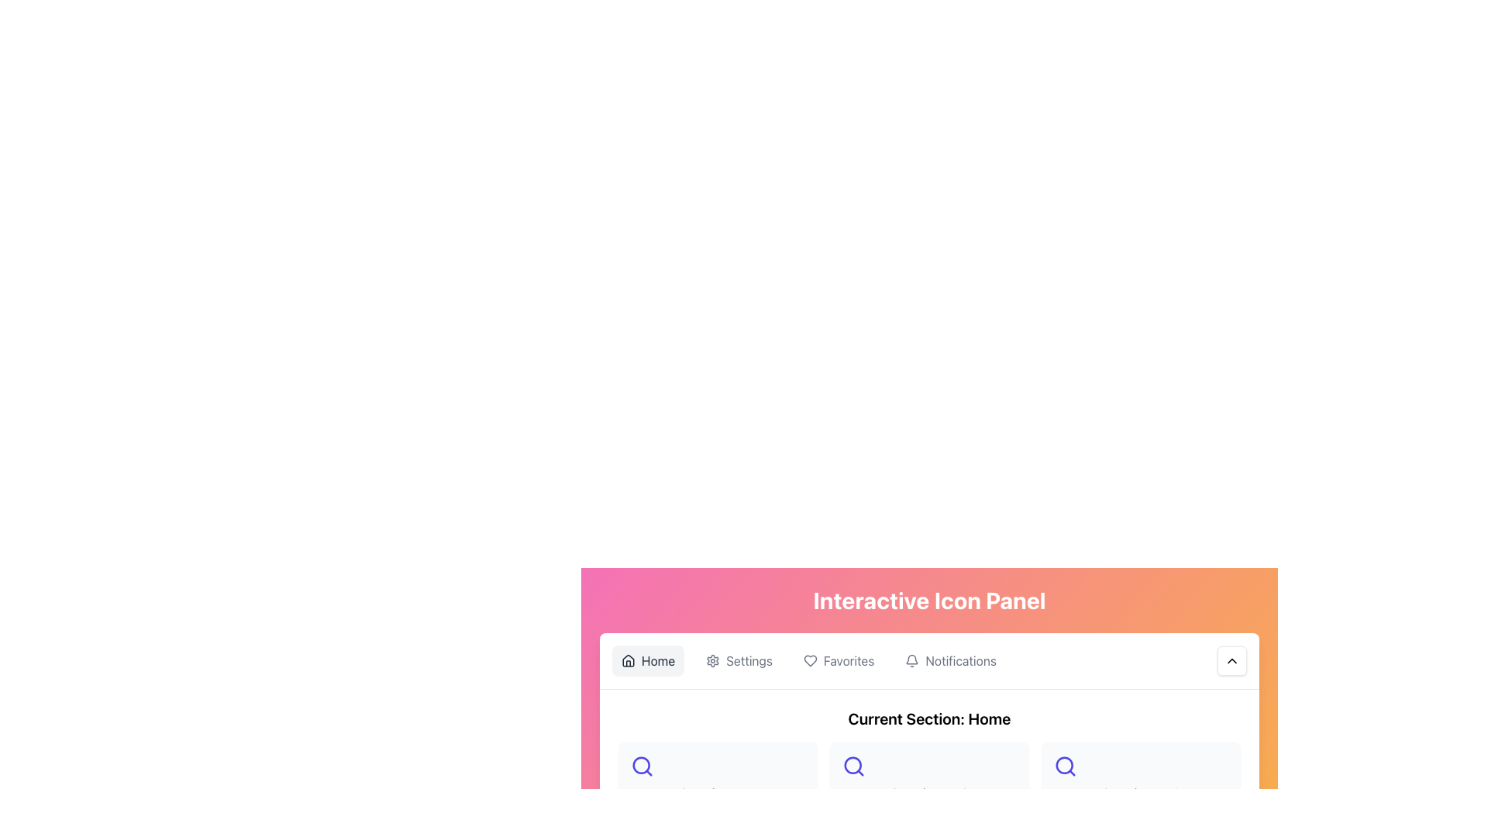 The height and width of the screenshot is (837, 1488). What do you see at coordinates (929, 719) in the screenshot?
I see `the label displaying 'Current Section: Home', which is prominently styled in bold and larger font at the top of the user interface` at bounding box center [929, 719].